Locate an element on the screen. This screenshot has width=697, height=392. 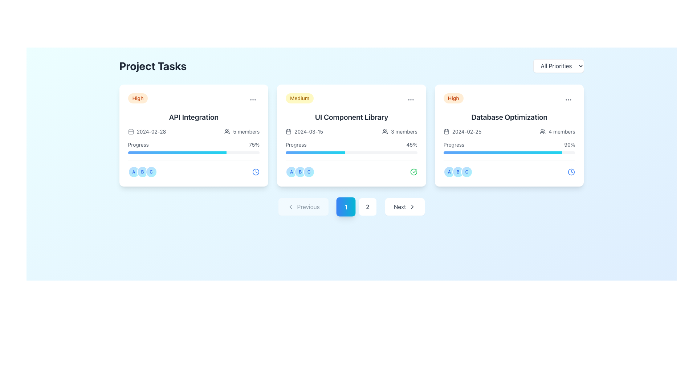
the circular icon with three vertically aligned dots located to the far right of the 'Database Optimization' card in the task list layout is located at coordinates (568, 99).